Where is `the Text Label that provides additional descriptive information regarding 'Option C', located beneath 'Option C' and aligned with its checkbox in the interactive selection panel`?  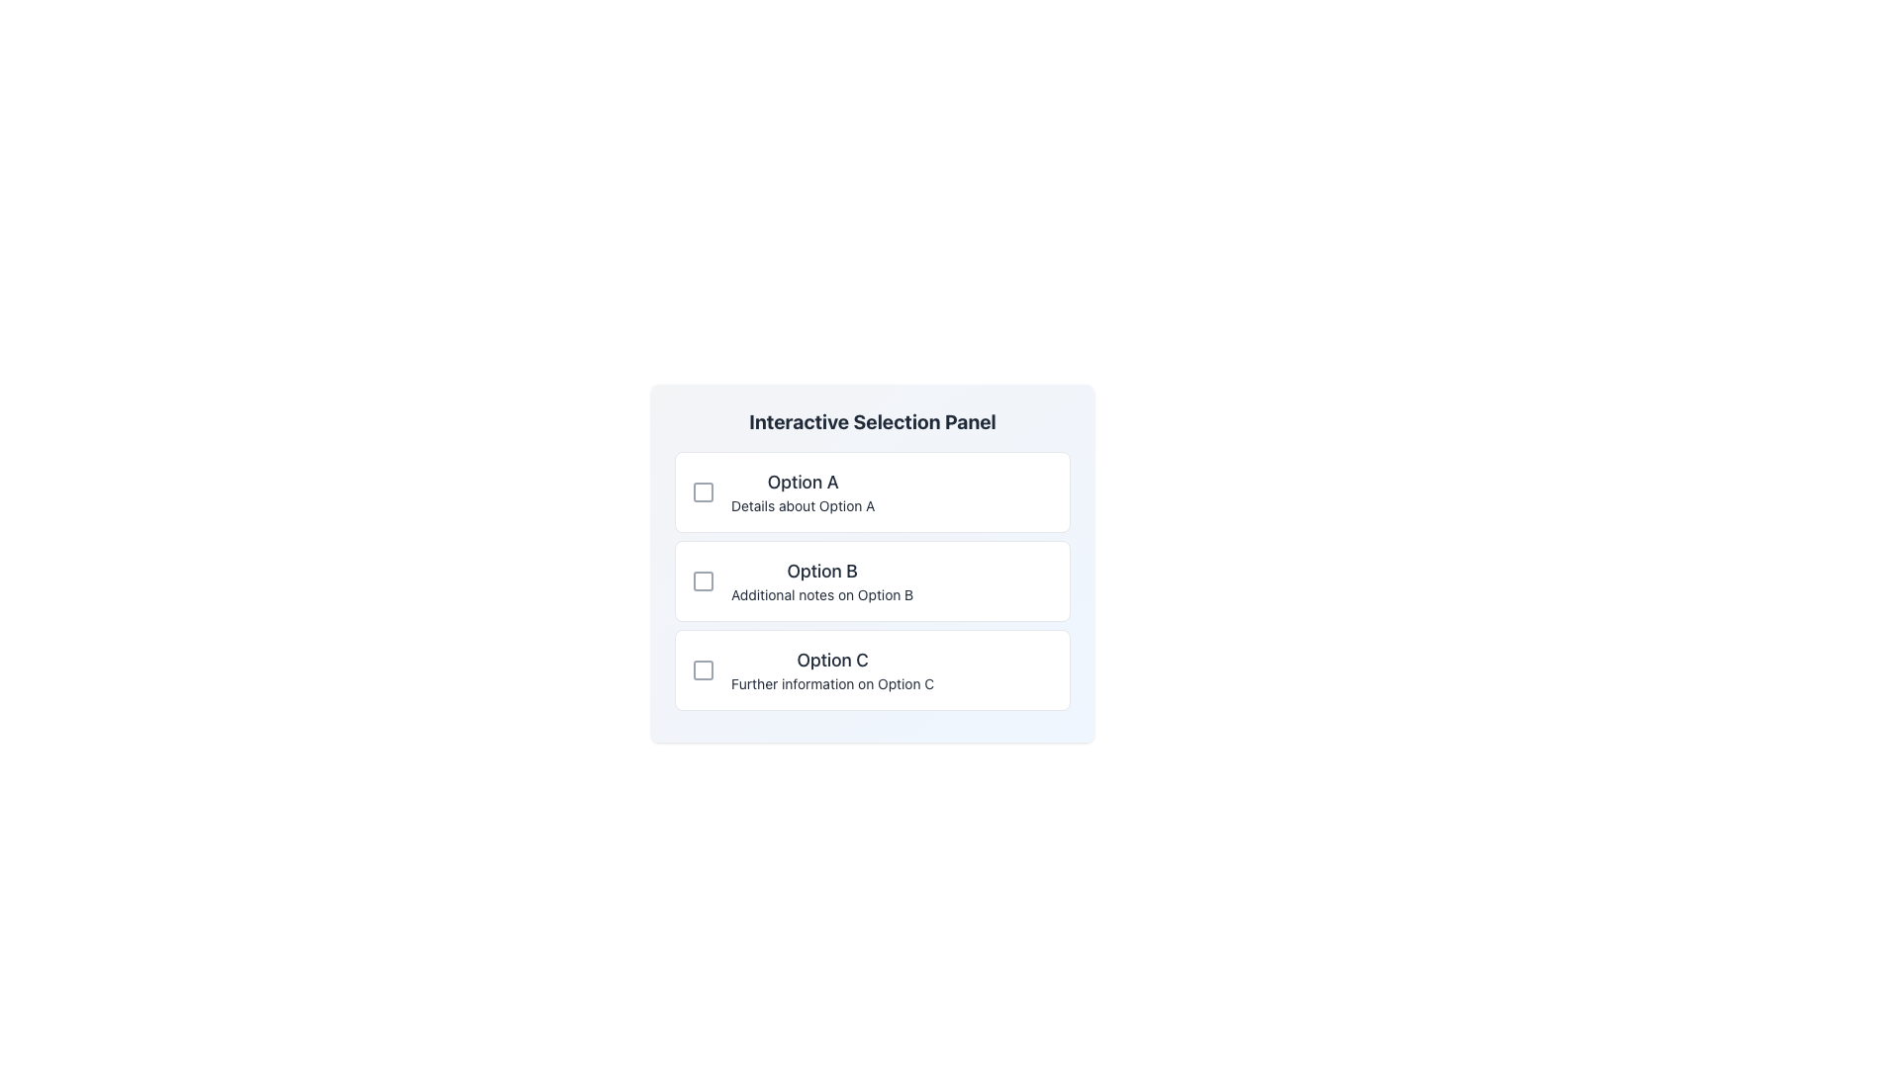
the Text Label that provides additional descriptive information regarding 'Option C', located beneath 'Option C' and aligned with its checkbox in the interactive selection panel is located at coordinates (832, 682).